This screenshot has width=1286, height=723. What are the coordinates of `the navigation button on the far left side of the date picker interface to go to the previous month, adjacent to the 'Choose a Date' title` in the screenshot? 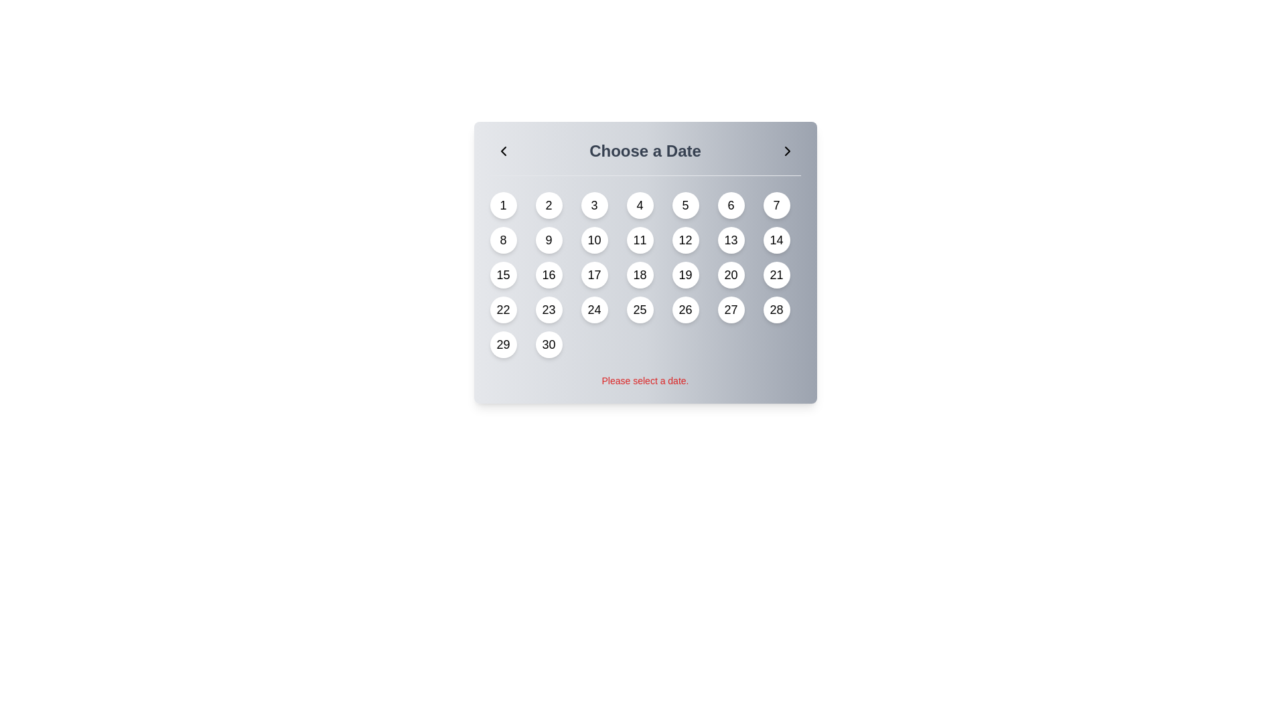 It's located at (502, 151).